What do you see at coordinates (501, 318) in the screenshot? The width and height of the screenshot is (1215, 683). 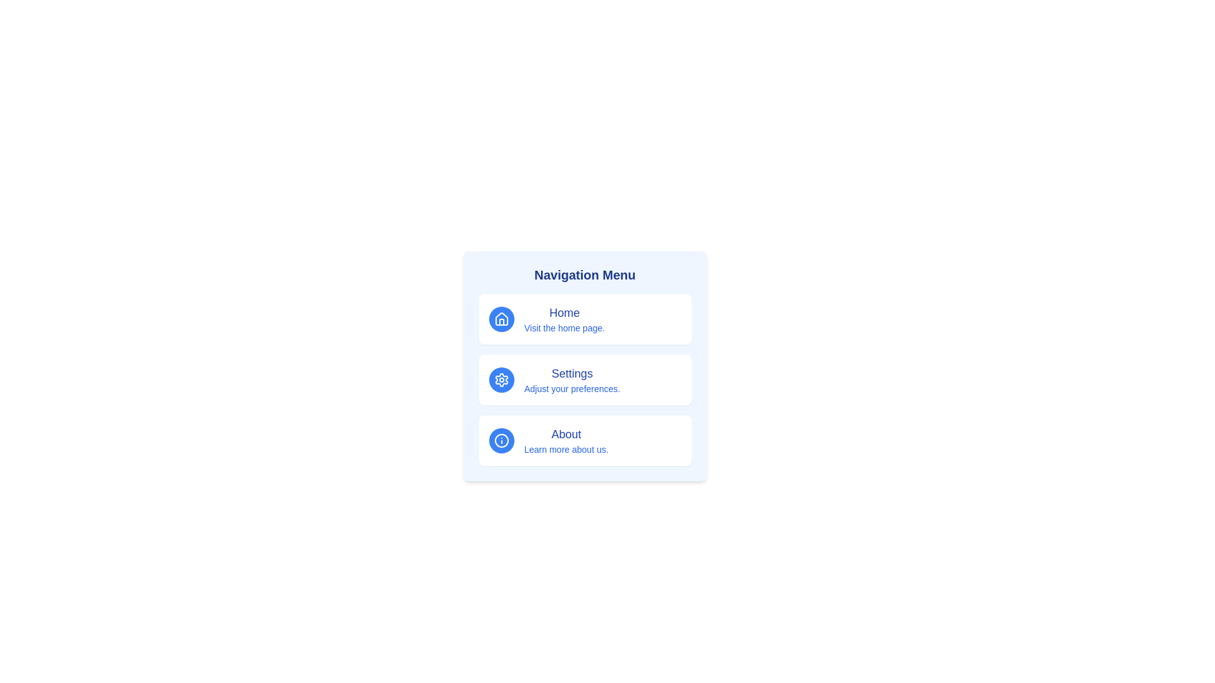 I see `the house-like icon in the navigation menu labeled 'Home', which is the topmost item in a vertical list of options` at bounding box center [501, 318].